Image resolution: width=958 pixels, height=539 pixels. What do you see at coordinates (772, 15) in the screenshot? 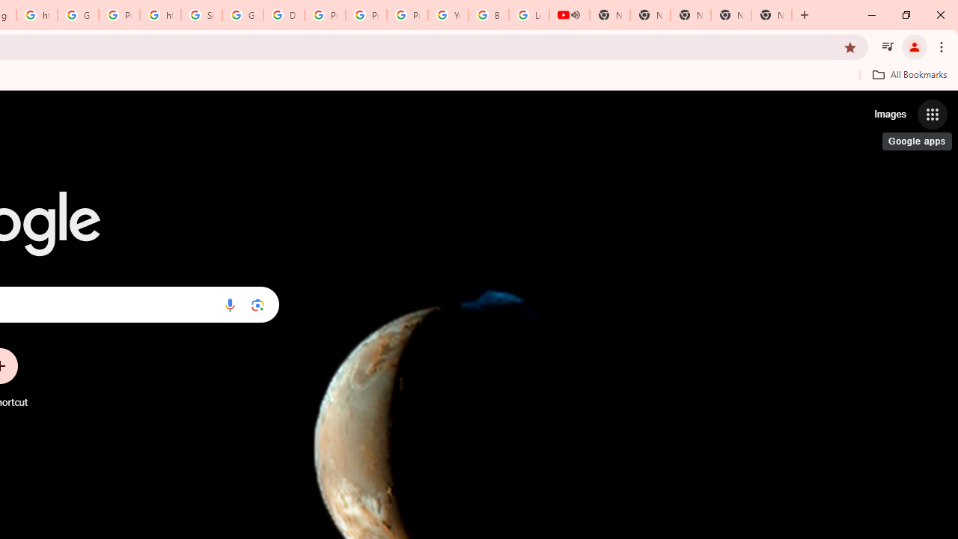
I see `'New Tab'` at bounding box center [772, 15].